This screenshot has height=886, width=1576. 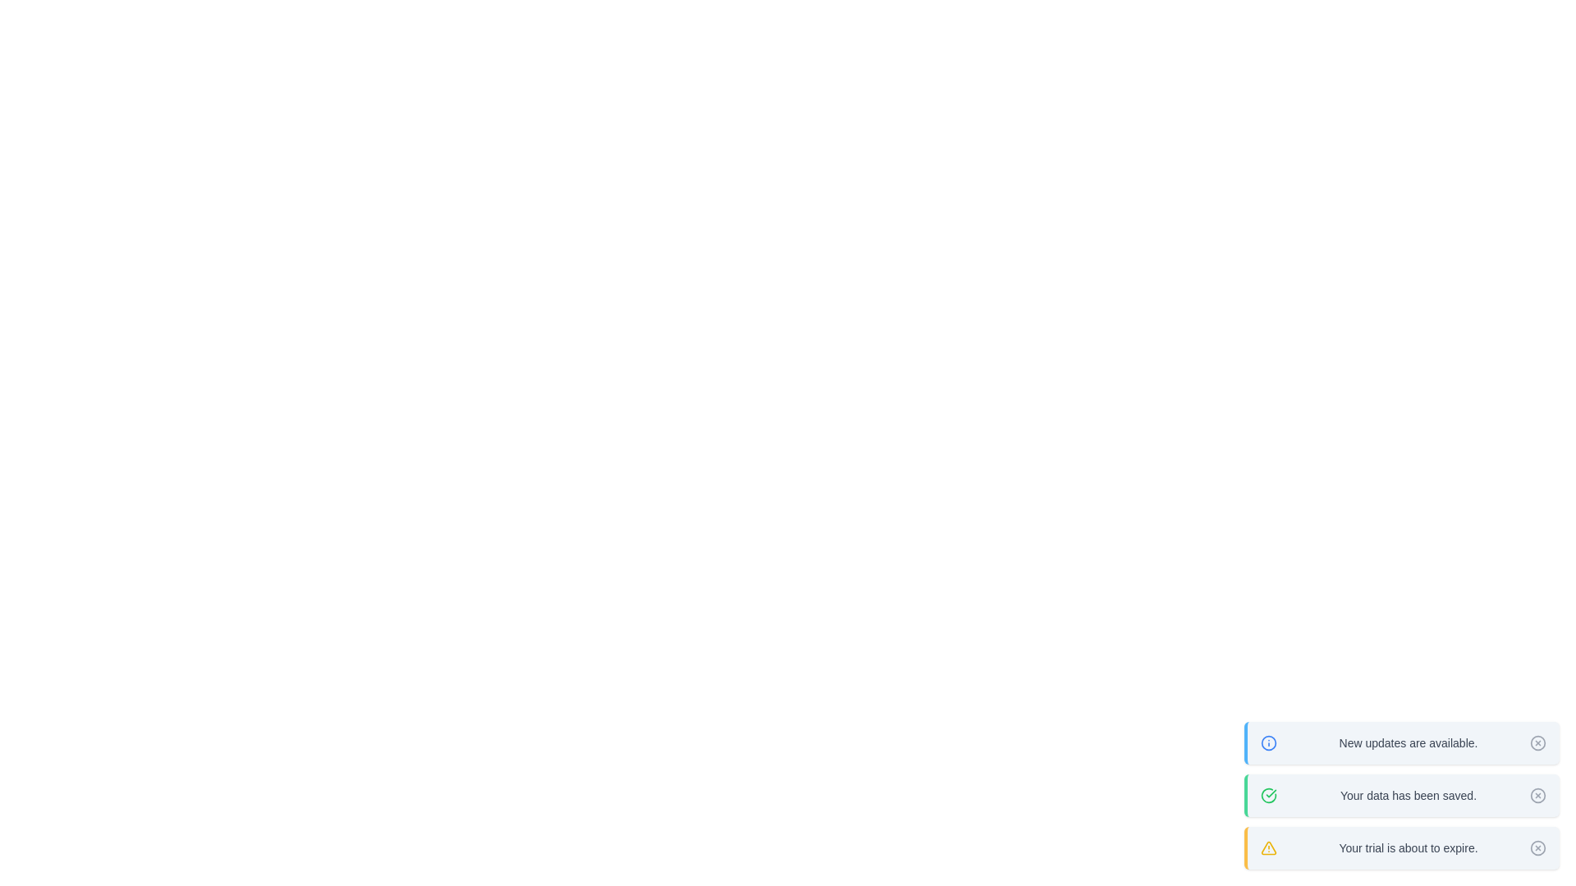 What do you see at coordinates (1537, 847) in the screenshot?
I see `the close button for the notification regarding the trial expiration to change its color to red` at bounding box center [1537, 847].